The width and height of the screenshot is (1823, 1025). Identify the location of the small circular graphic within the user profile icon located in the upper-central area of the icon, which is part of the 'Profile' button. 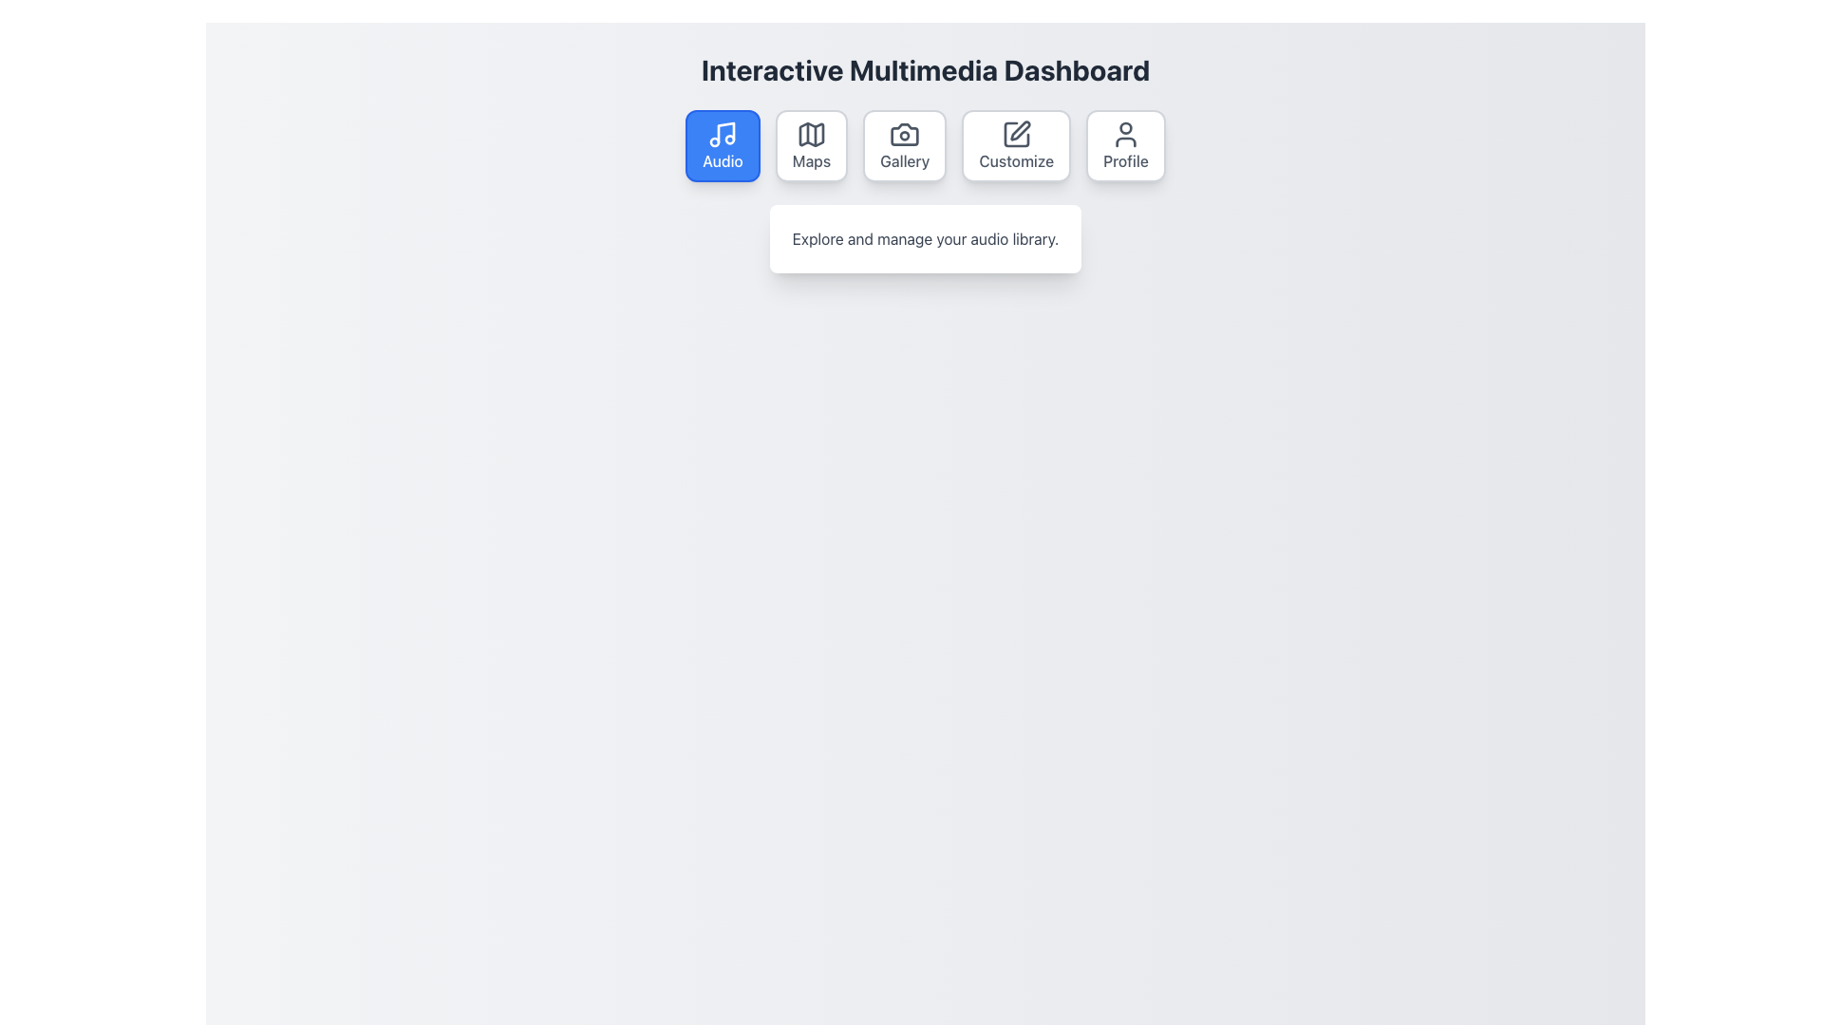
(1125, 128).